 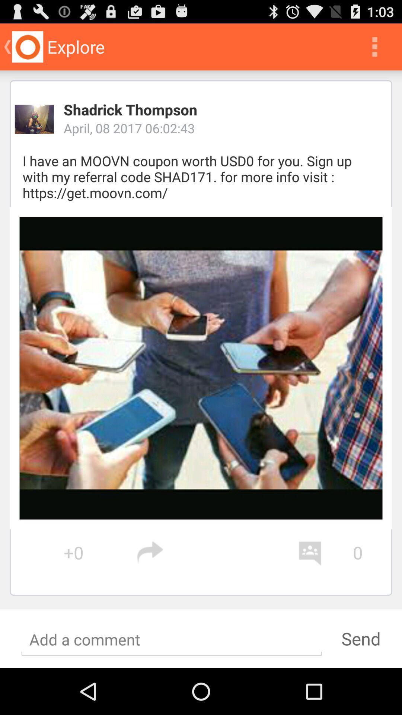 I want to click on app above the i have an icon, so click(x=34, y=119).